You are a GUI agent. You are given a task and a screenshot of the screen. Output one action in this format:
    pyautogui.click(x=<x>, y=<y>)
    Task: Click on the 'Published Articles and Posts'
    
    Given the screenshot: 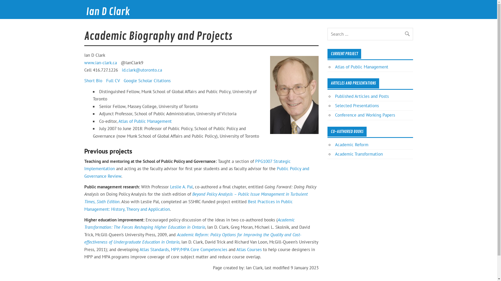 What is the action you would take?
    pyautogui.click(x=335, y=96)
    